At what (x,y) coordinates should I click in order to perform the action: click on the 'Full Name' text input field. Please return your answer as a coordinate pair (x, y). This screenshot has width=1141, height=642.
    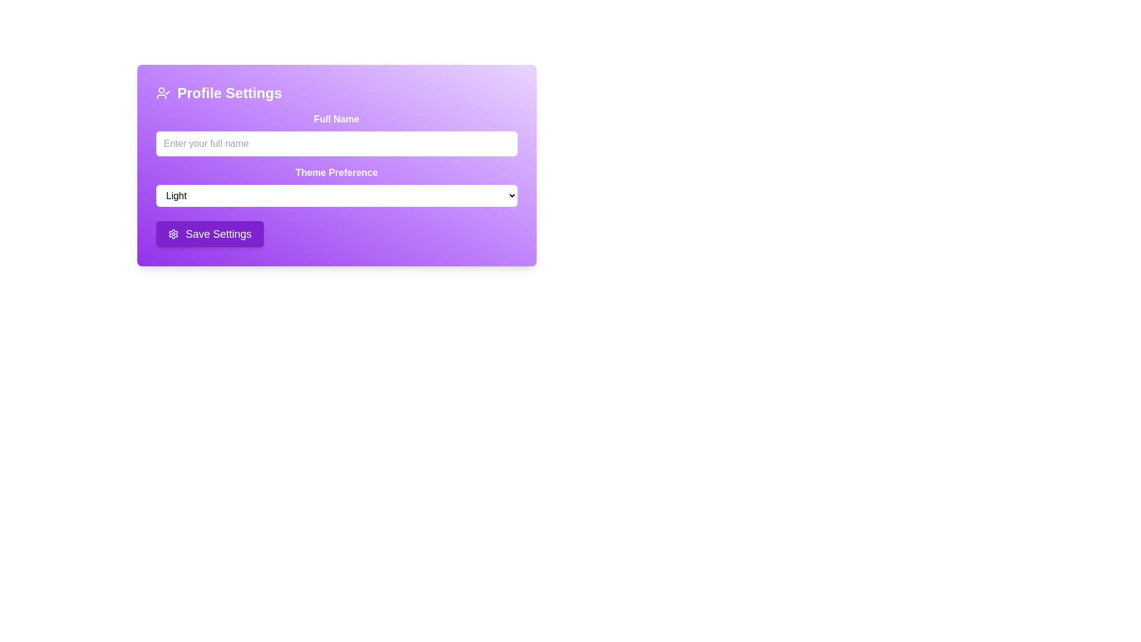
    Looking at the image, I should click on (336, 134).